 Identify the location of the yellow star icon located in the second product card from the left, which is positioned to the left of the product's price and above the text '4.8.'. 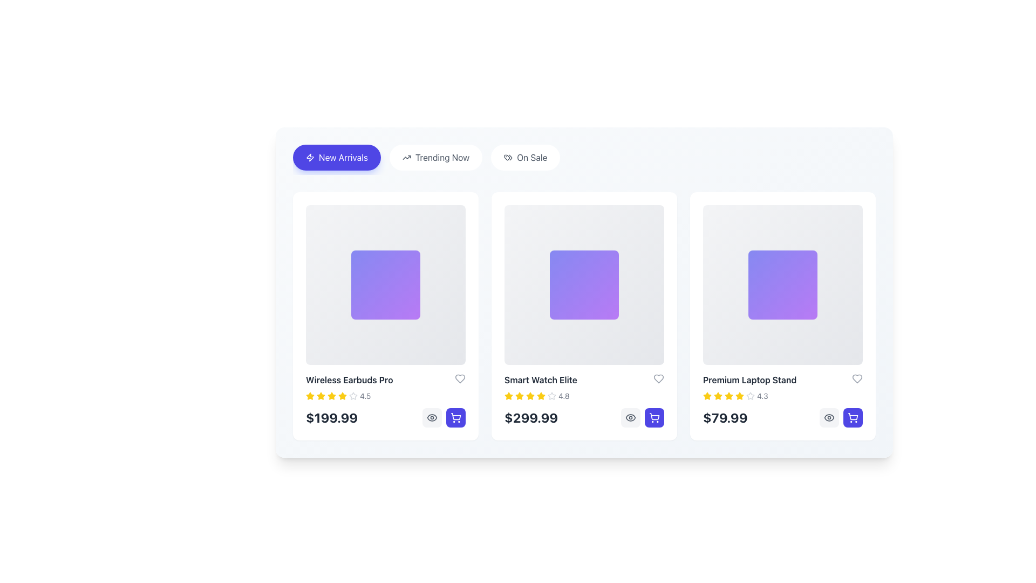
(541, 396).